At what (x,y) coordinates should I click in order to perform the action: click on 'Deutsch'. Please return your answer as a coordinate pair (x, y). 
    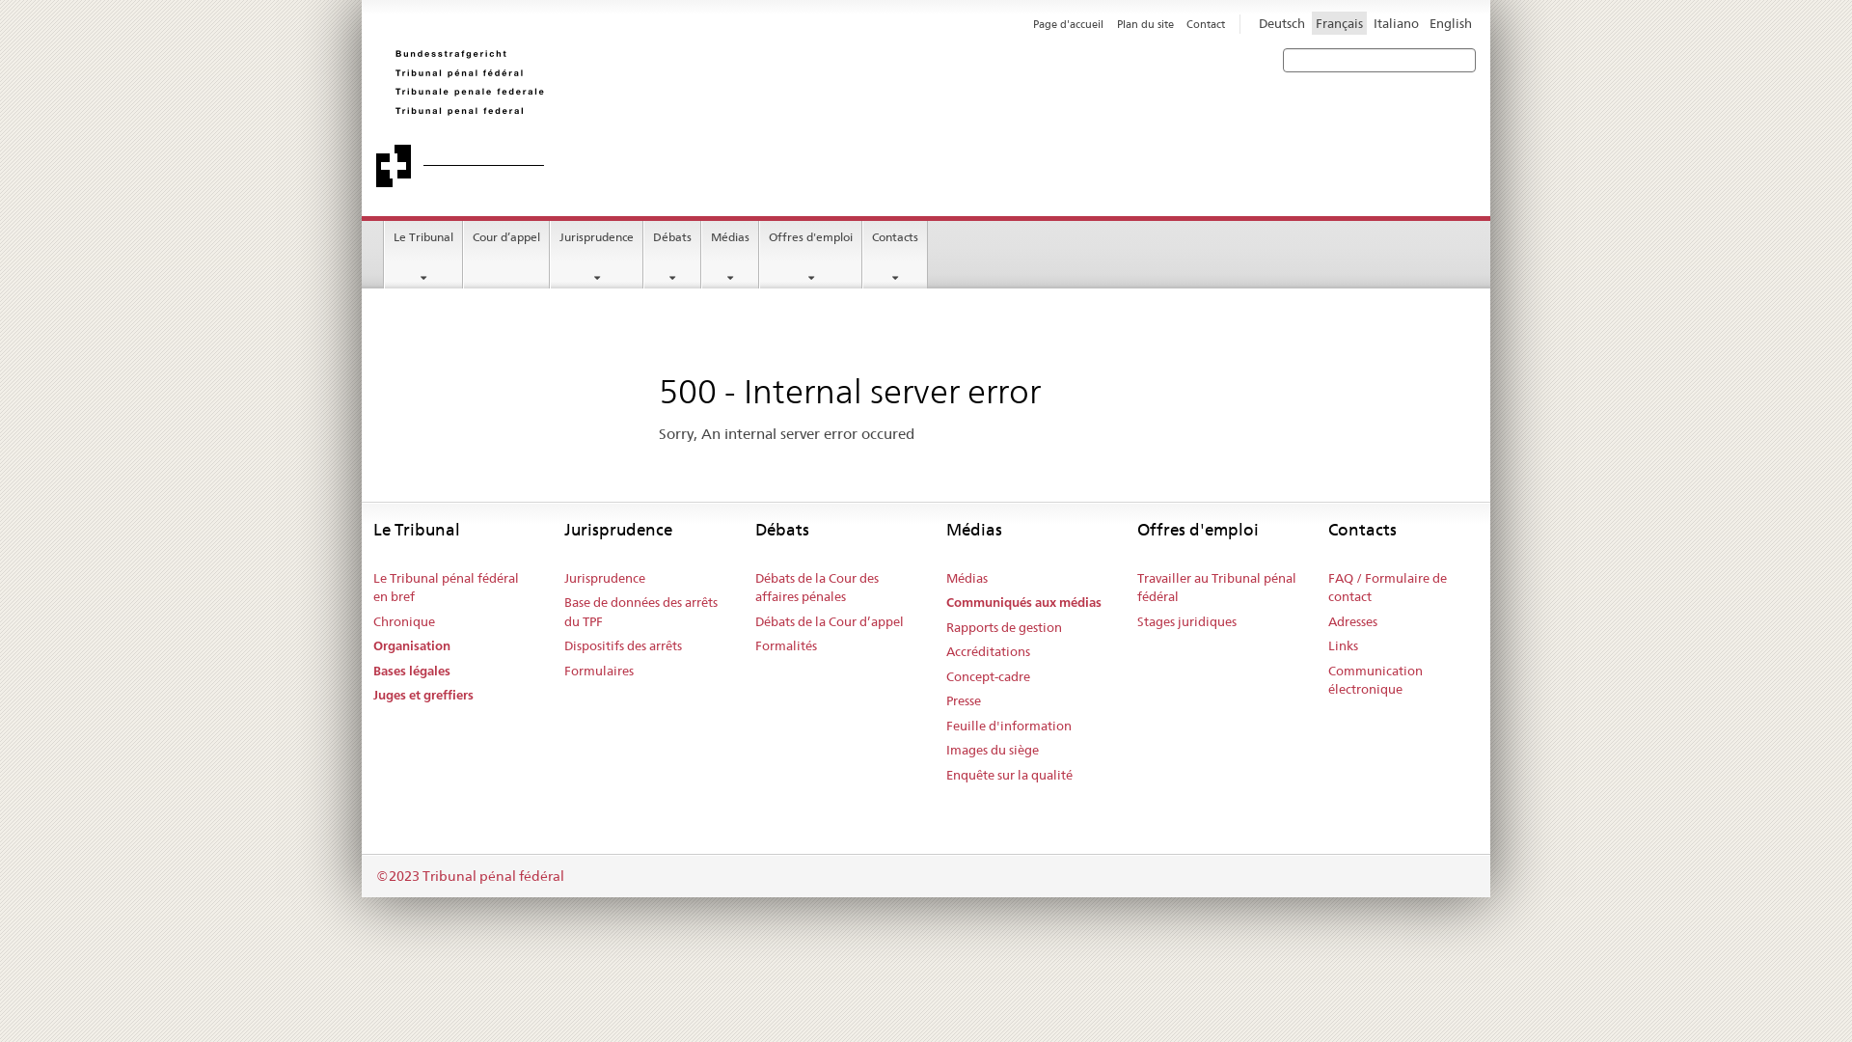
    Looking at the image, I should click on (1254, 22).